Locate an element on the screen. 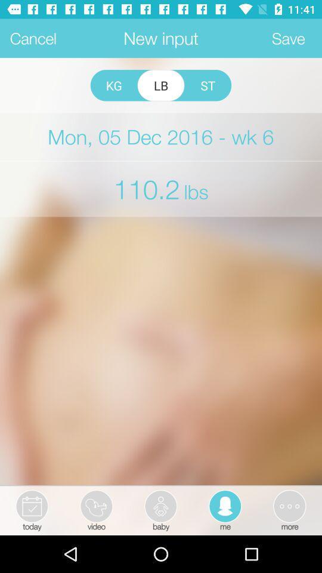  item next to the lb is located at coordinates (114, 85).